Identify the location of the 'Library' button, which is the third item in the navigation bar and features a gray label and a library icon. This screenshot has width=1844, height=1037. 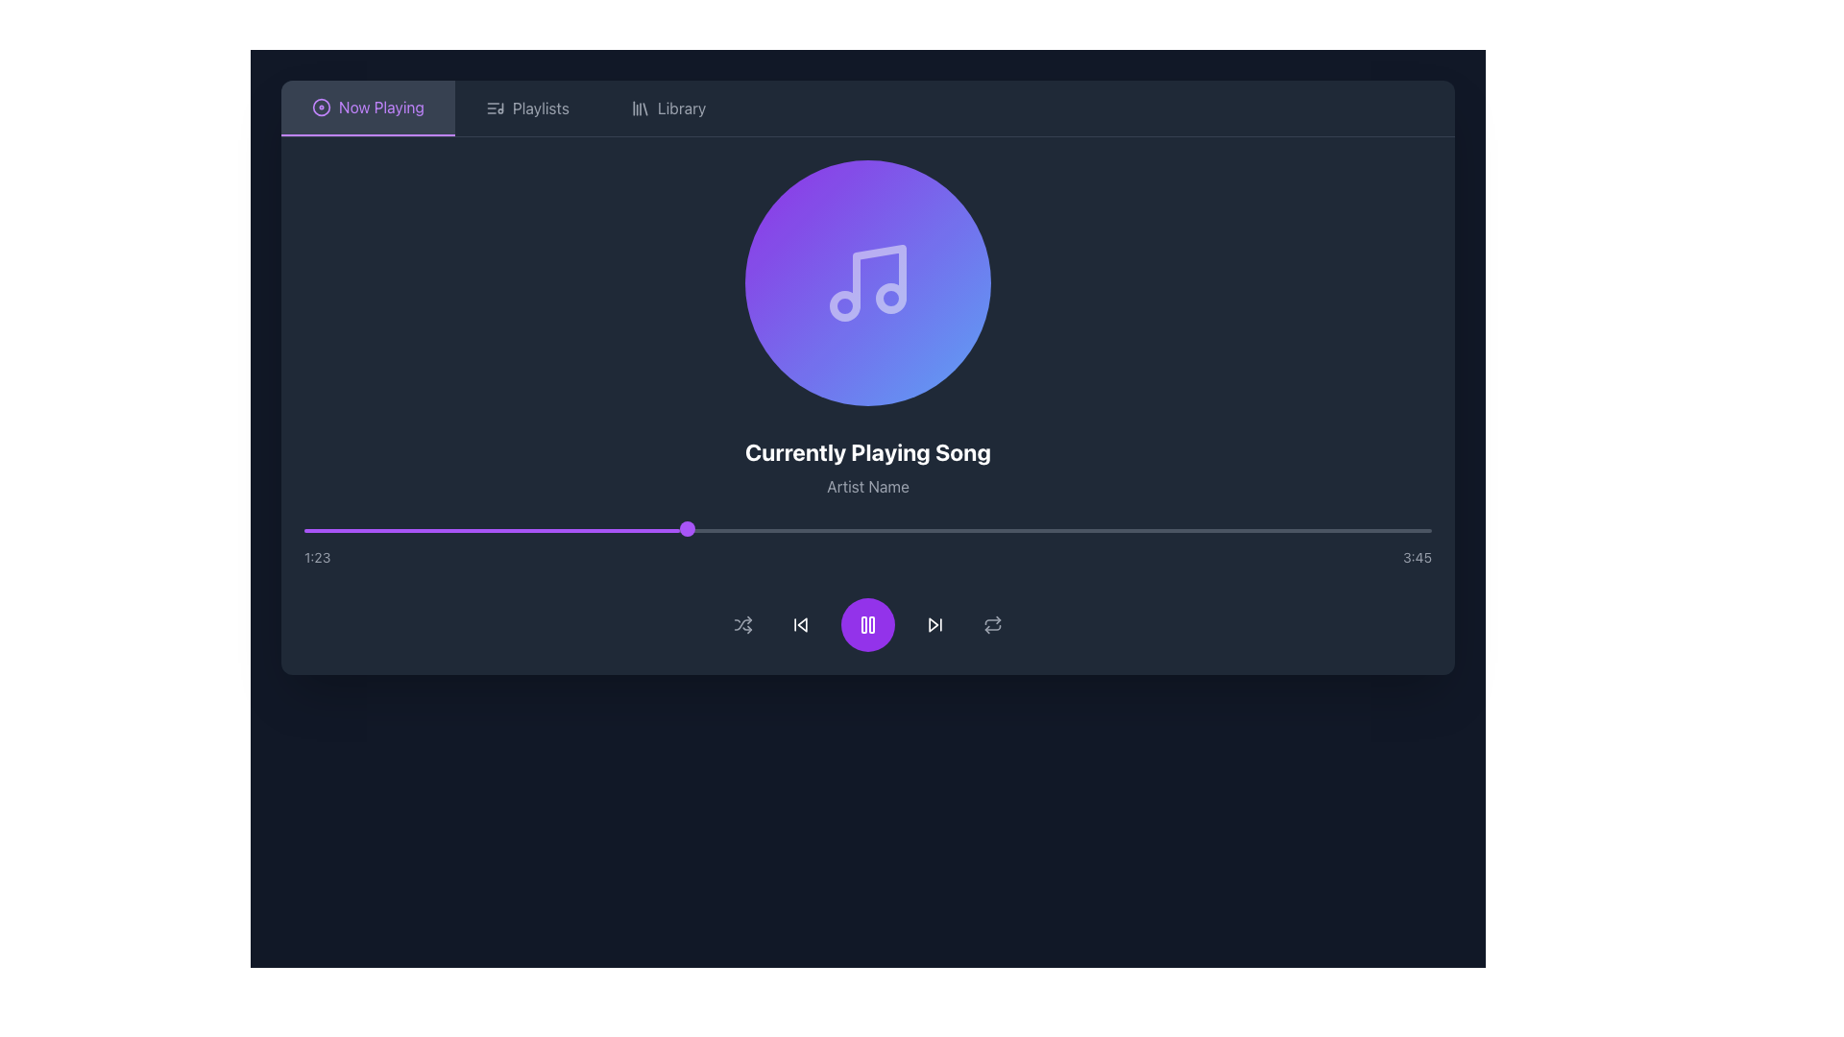
(668, 108).